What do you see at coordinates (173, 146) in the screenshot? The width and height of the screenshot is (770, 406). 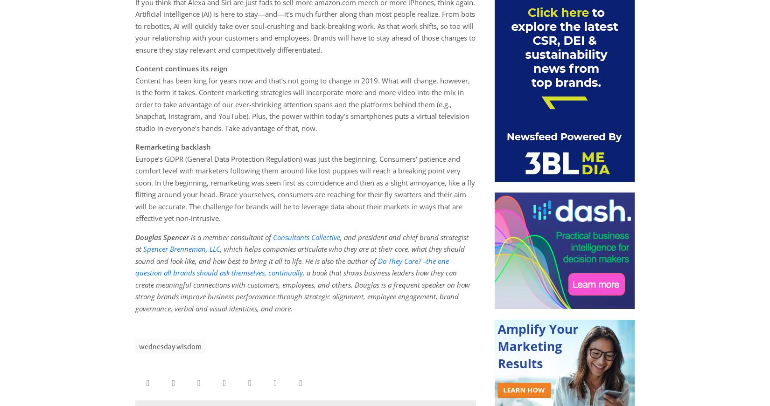 I see `'Remarketing backlash'` at bounding box center [173, 146].